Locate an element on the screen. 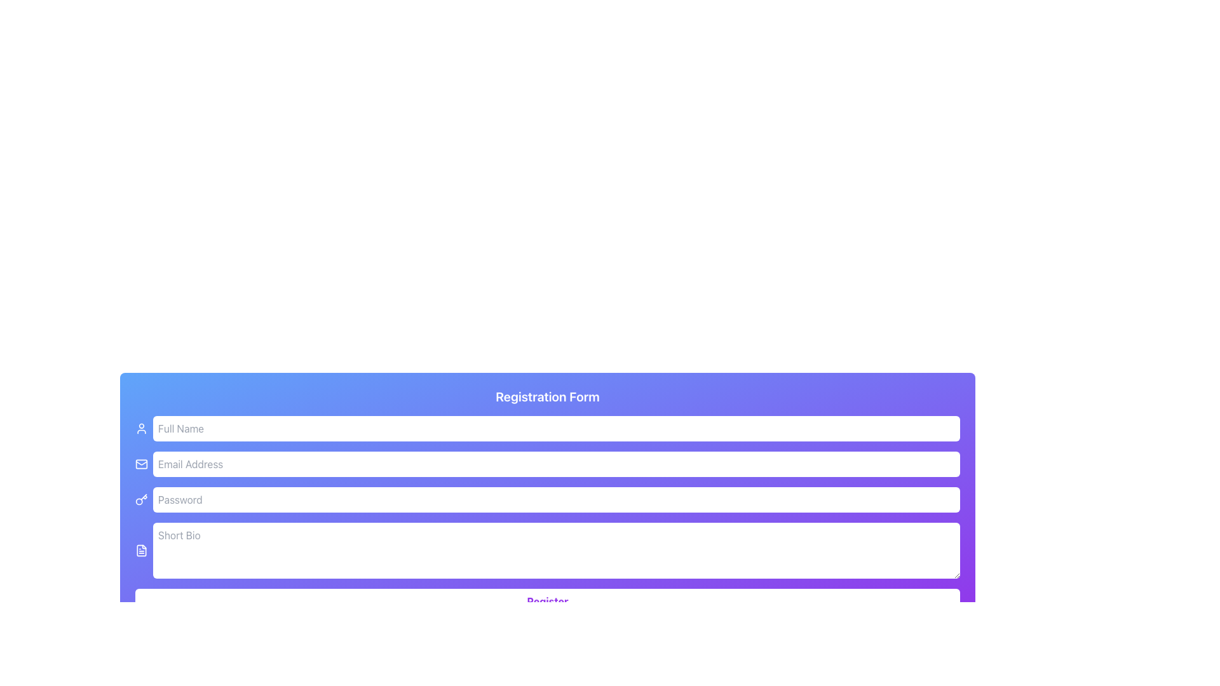 This screenshot has height=686, width=1220. the 'Register' button at the bottom of the form is located at coordinates (548, 601).